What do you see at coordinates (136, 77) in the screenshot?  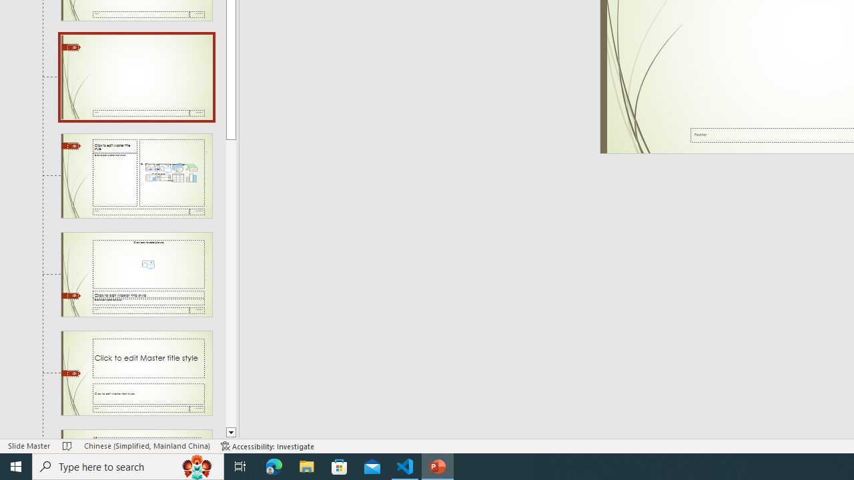 I see `'Slide Blank Layout: used by no slides'` at bounding box center [136, 77].